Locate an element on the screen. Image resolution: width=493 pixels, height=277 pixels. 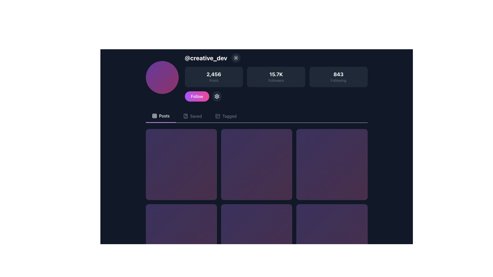
the SVG-based Bookmark icon located in the category selection bar next to 'Posts' and 'Tagged' section titles is located at coordinates (185, 116).